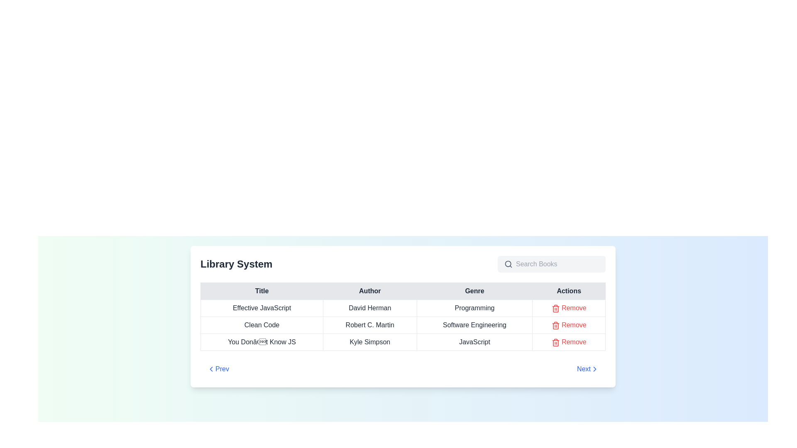 The height and width of the screenshot is (448, 797). I want to click on the left-facing chevron icon located in the bottom section of the interface, so click(211, 369).